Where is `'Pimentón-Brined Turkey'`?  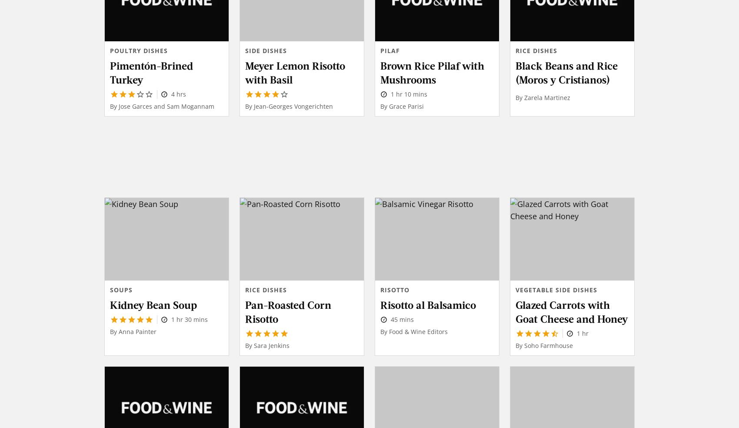 'Pimentón-Brined Turkey' is located at coordinates (151, 72).